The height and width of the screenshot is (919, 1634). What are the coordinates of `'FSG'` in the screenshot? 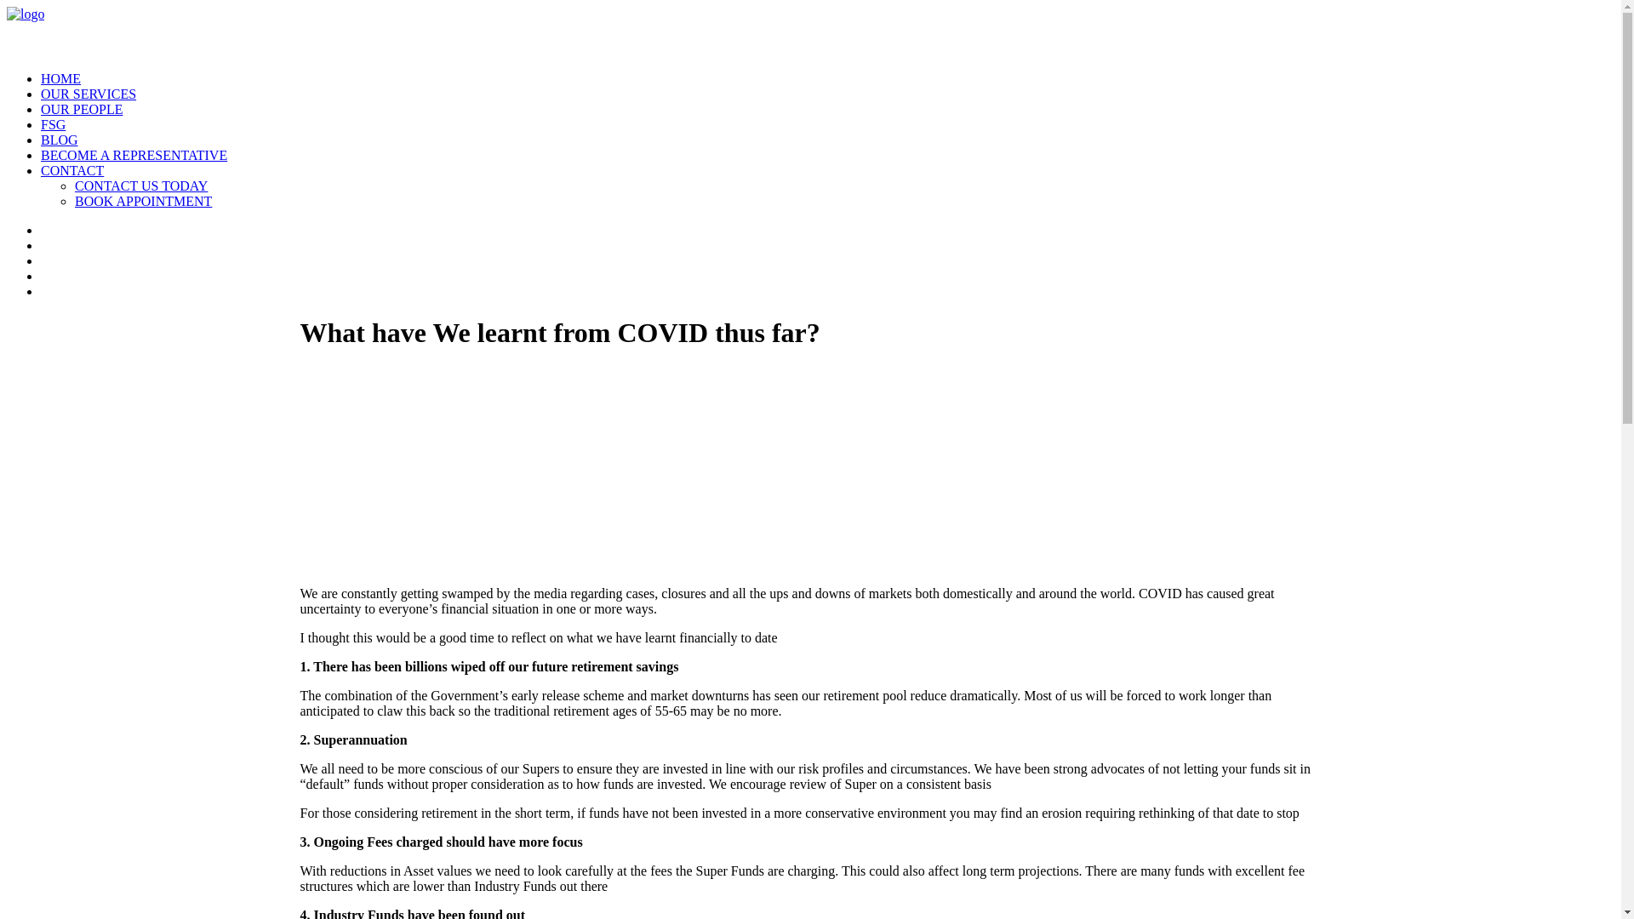 It's located at (53, 123).